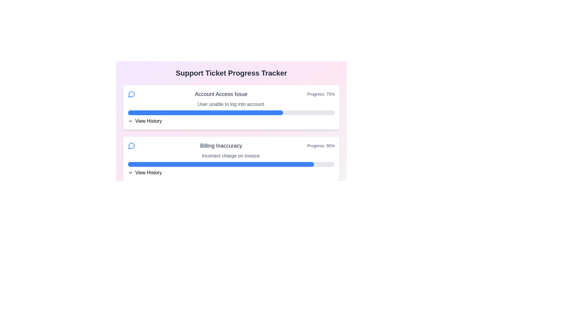 Image resolution: width=577 pixels, height=324 pixels. What do you see at coordinates (131, 146) in the screenshot?
I see `the communication icon located under the 'Billing Inaccuracy' section, which is the first element in a horizontal row and aligned with the 'Progress: 90%' label` at bounding box center [131, 146].